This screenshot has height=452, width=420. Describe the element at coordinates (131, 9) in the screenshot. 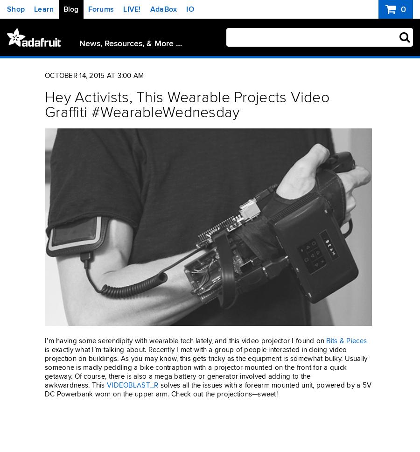

I see `'LIVE!'` at that location.